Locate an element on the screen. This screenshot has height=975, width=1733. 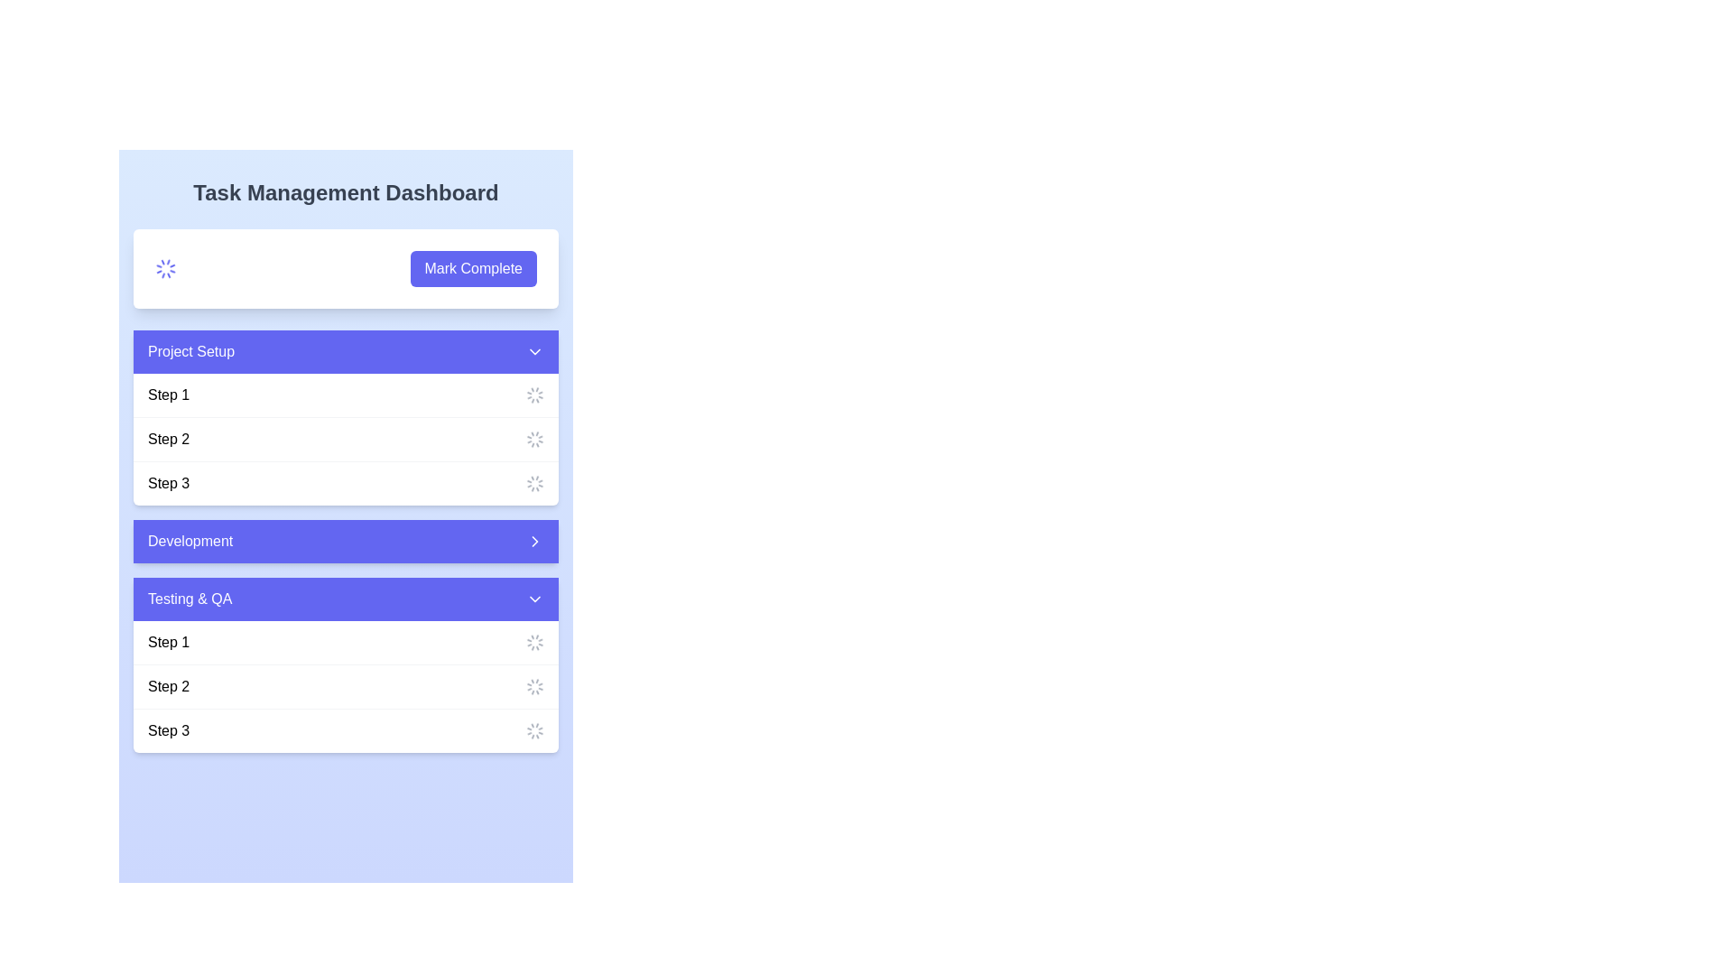
the 'Step 2' text label, which is styled in black font and is located under the 'Testing & QA' section, positioned between 'Step 1' and 'Step 3' is located at coordinates (169, 686).